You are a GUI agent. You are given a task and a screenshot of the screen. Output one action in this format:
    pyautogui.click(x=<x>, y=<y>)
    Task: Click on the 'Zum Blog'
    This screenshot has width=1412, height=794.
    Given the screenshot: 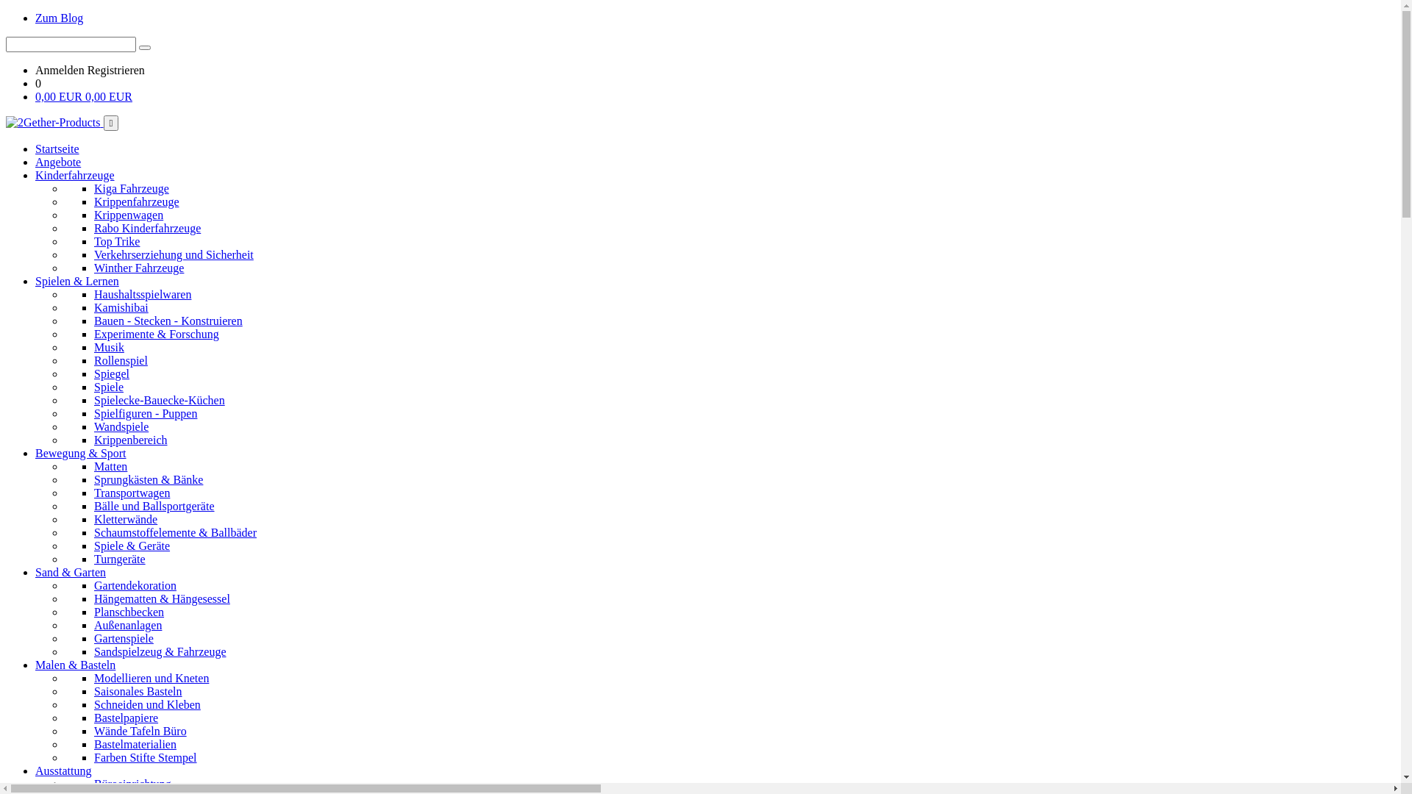 What is the action you would take?
    pyautogui.click(x=59, y=18)
    